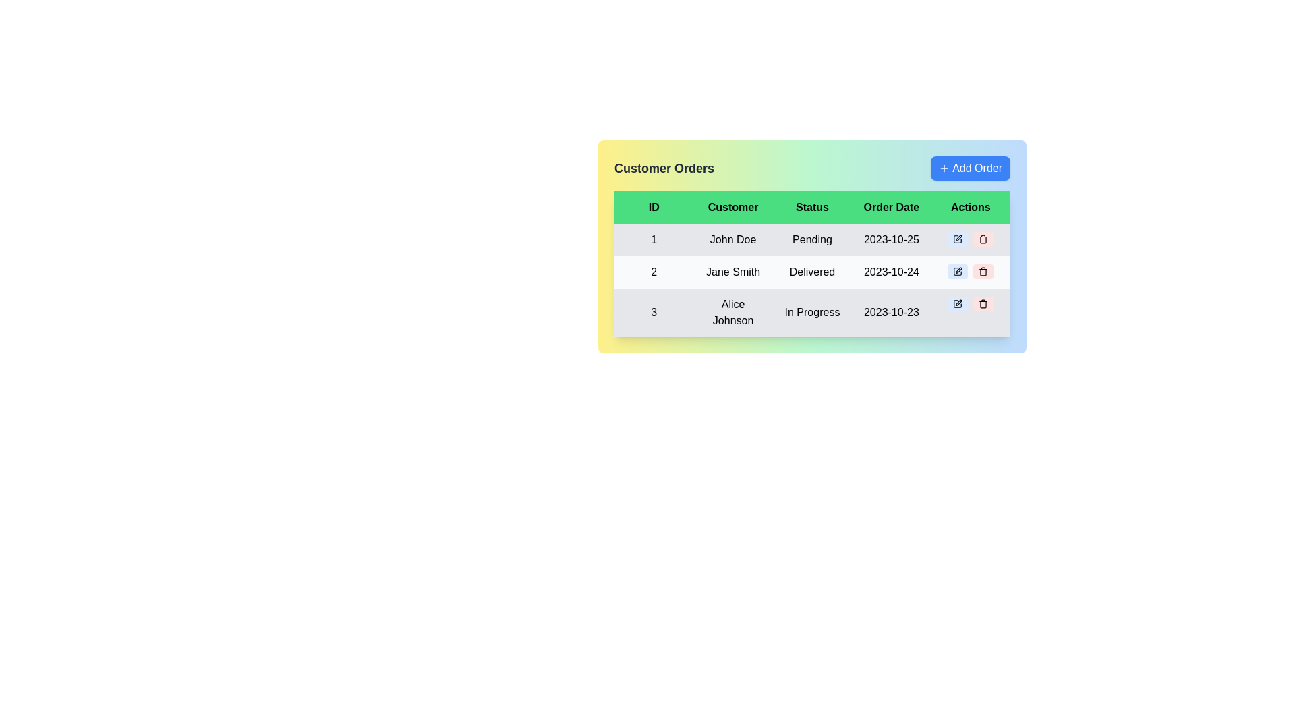 The width and height of the screenshot is (1295, 728). I want to click on the delete button located in the 'Actions' column of the third row of the table, so click(983, 304).